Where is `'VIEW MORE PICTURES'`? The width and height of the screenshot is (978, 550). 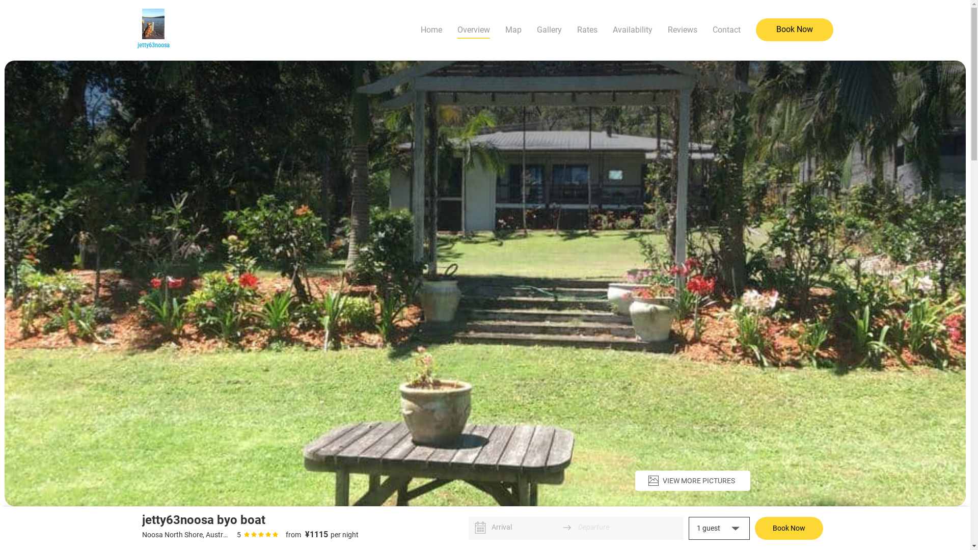 'VIEW MORE PICTURES' is located at coordinates (692, 481).